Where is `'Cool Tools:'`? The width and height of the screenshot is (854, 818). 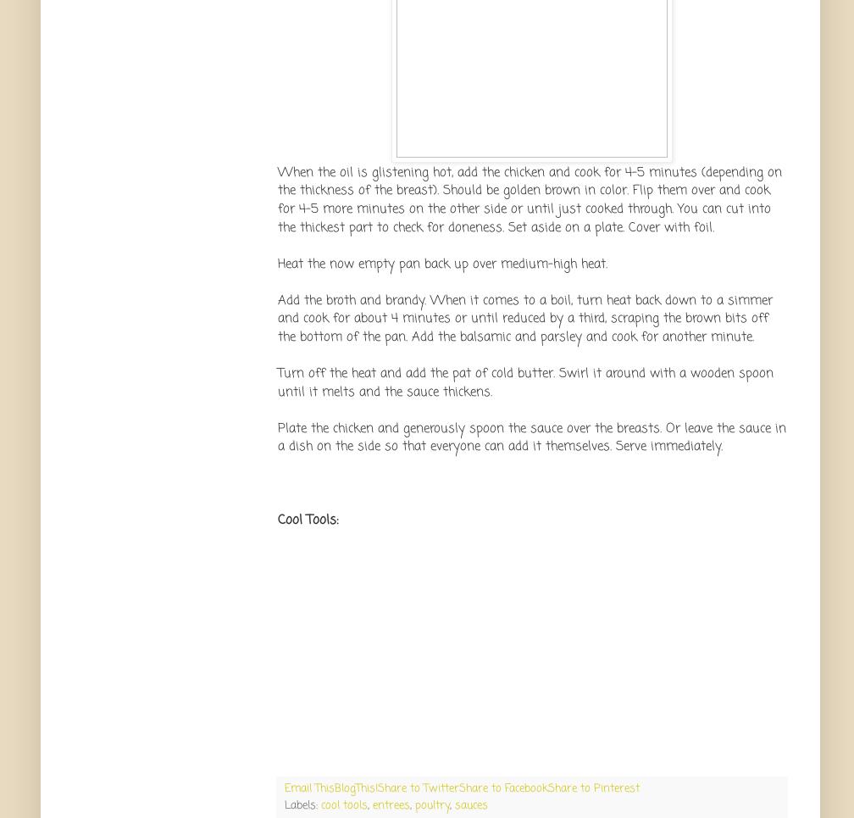
'Cool Tools:' is located at coordinates (308, 518).